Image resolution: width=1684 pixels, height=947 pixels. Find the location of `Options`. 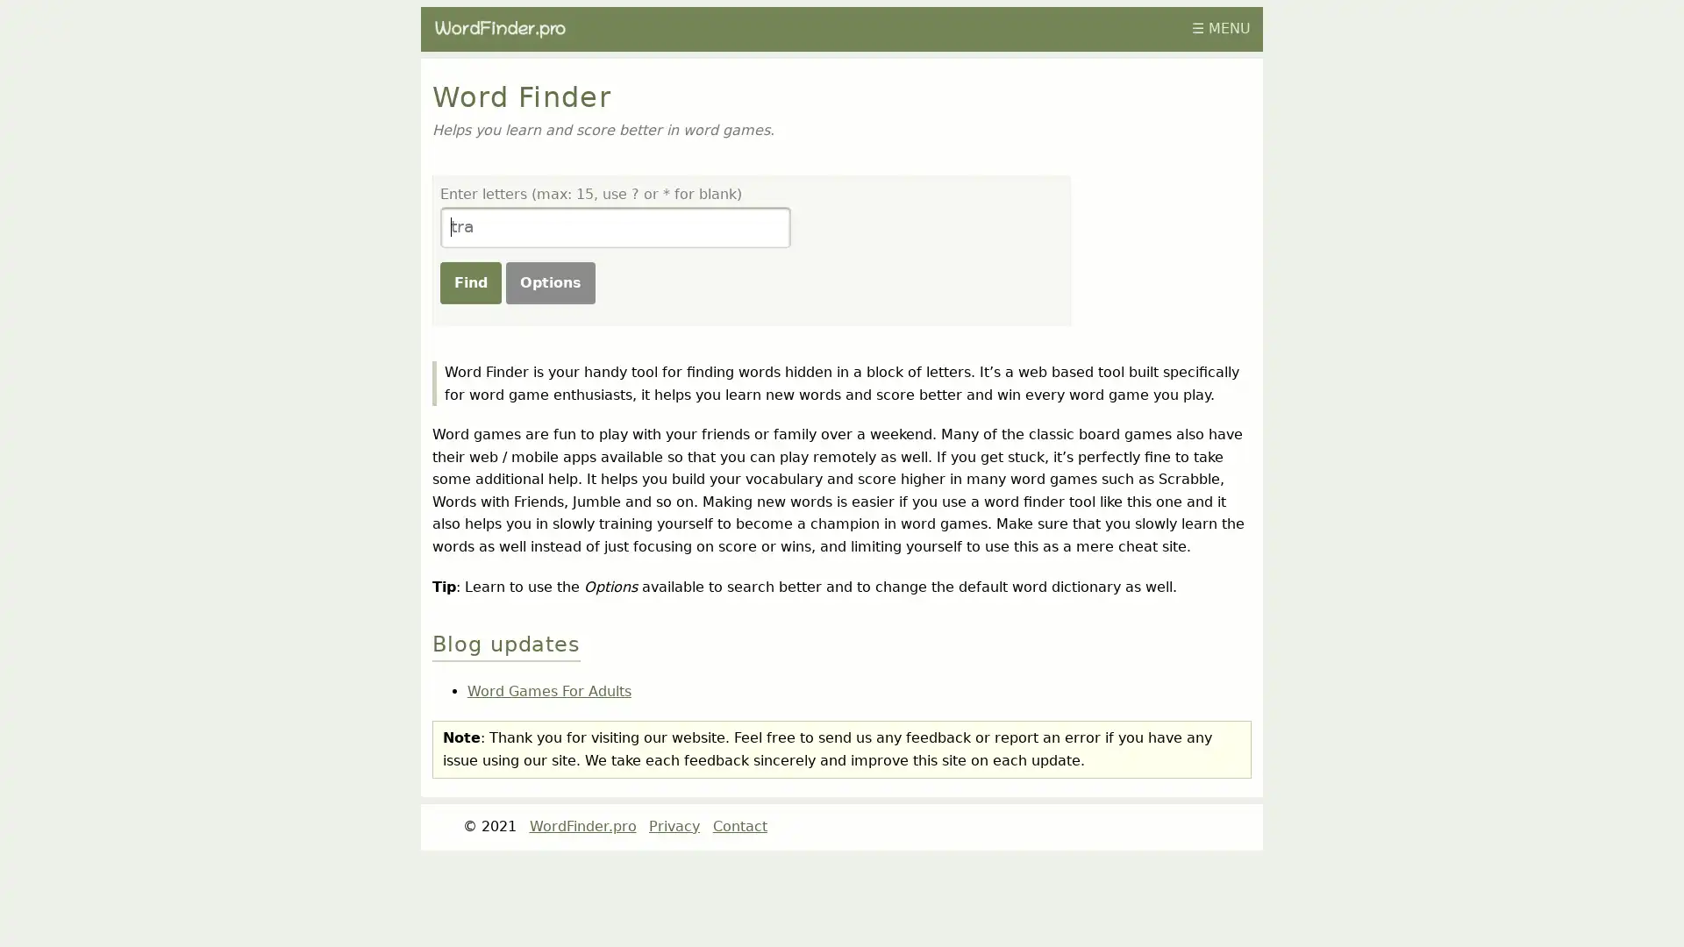

Options is located at coordinates (549, 281).